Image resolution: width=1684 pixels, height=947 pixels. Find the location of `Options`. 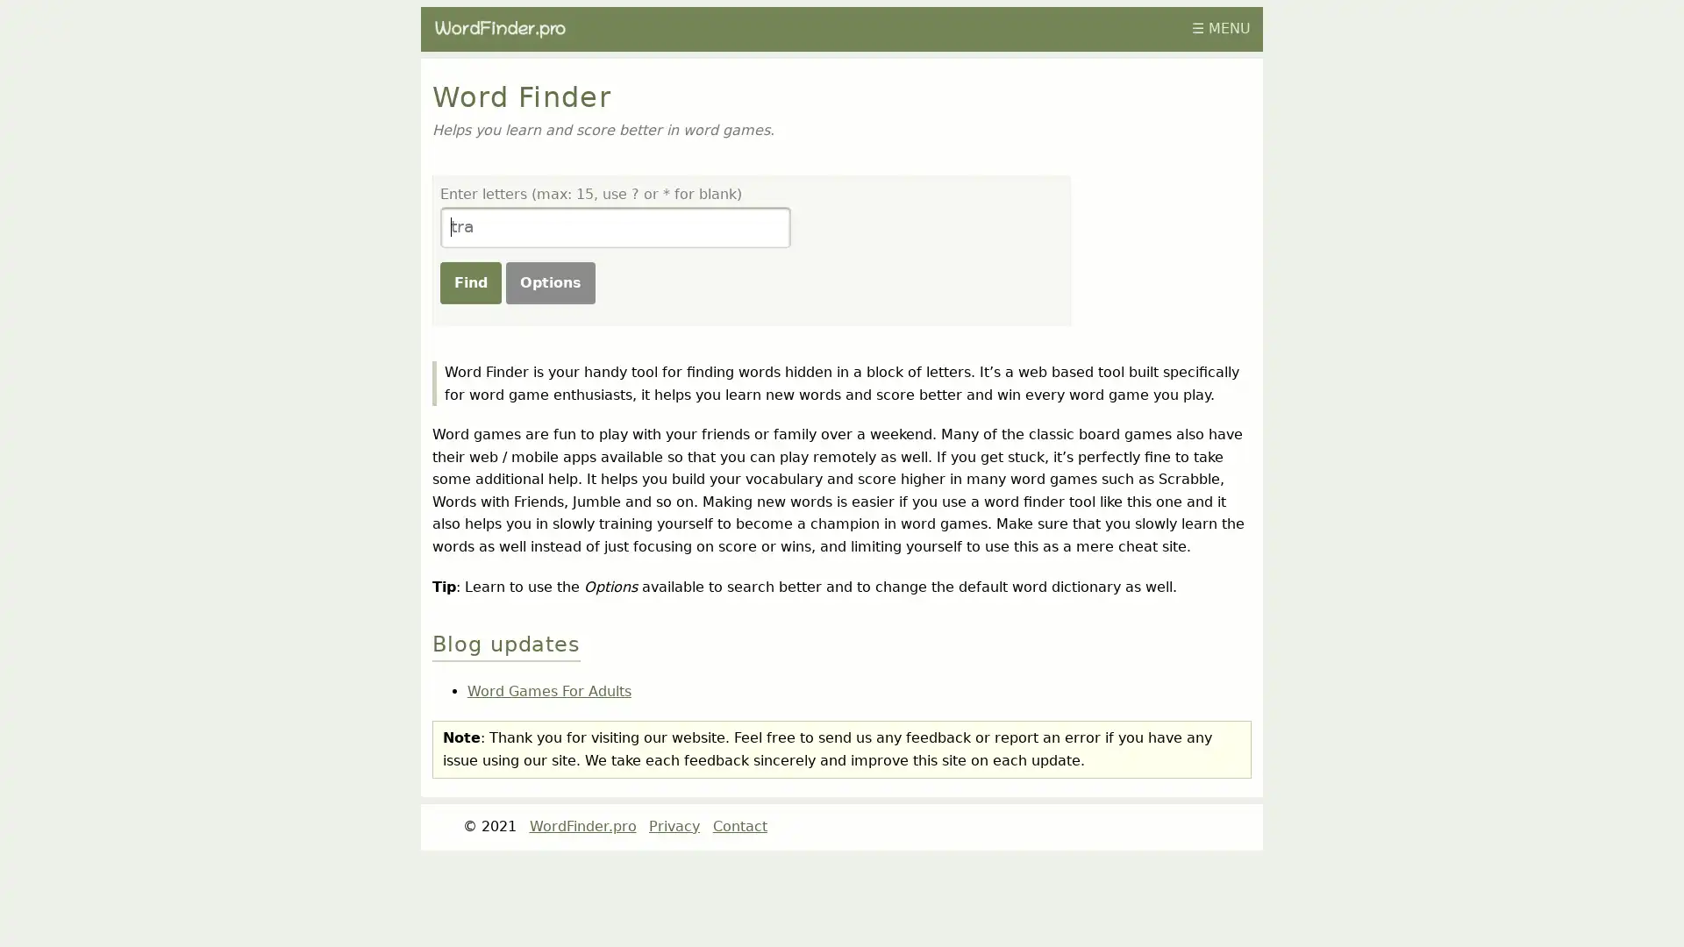

Options is located at coordinates (549, 281).